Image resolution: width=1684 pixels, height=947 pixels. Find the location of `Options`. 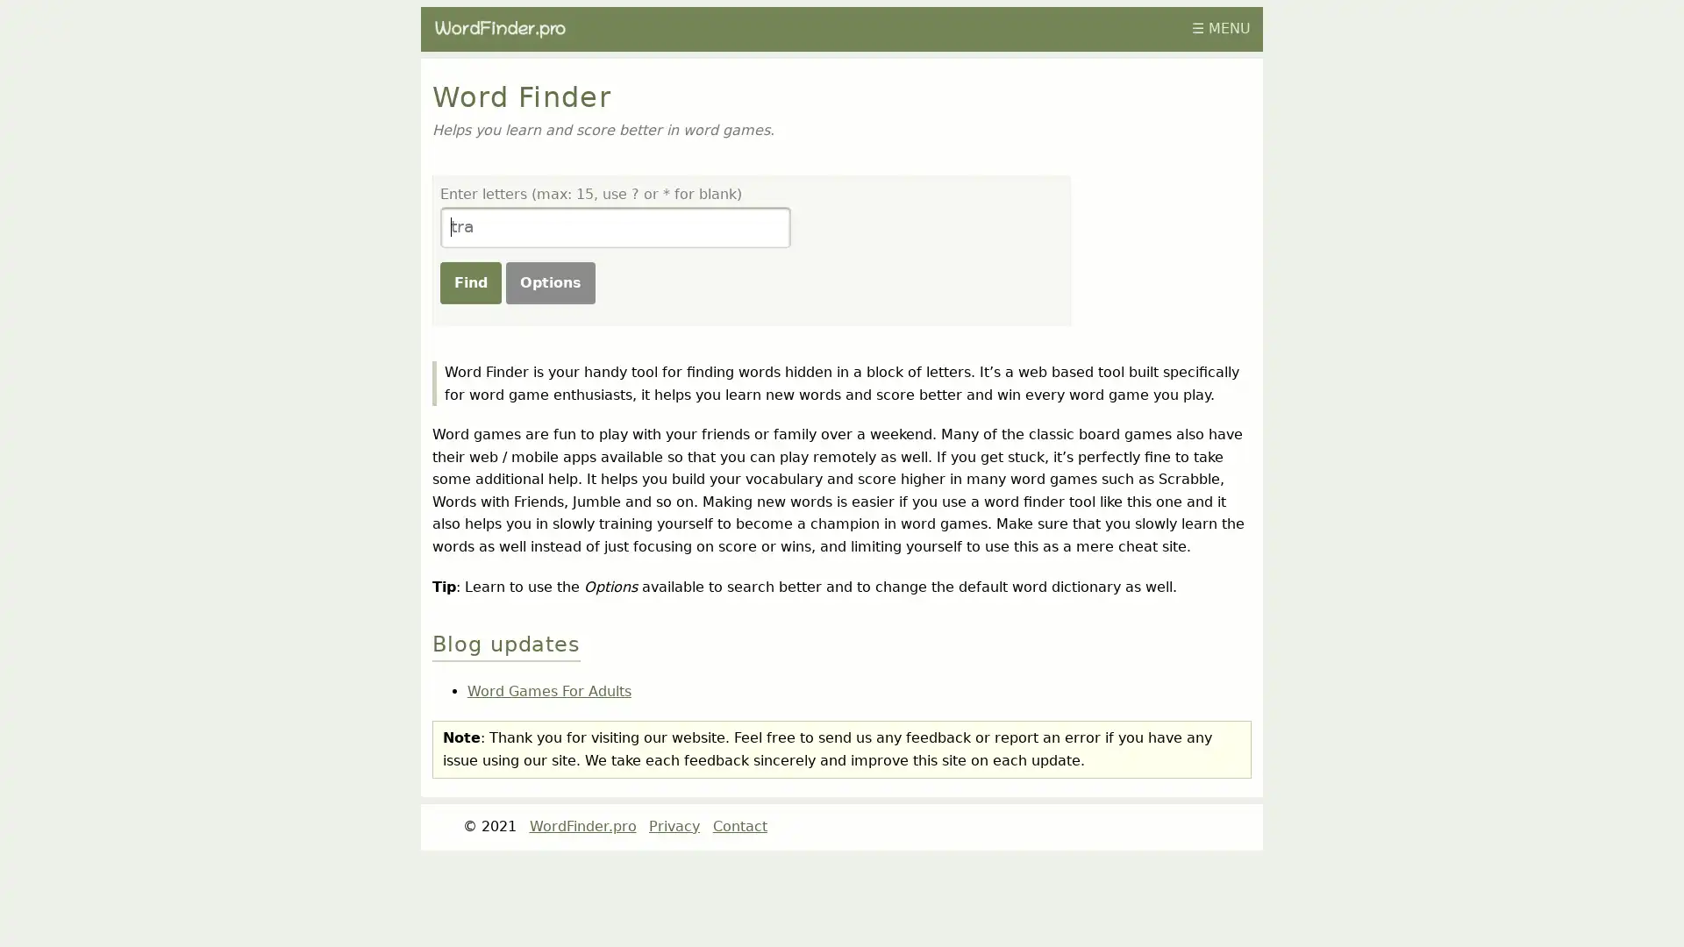

Options is located at coordinates (549, 281).